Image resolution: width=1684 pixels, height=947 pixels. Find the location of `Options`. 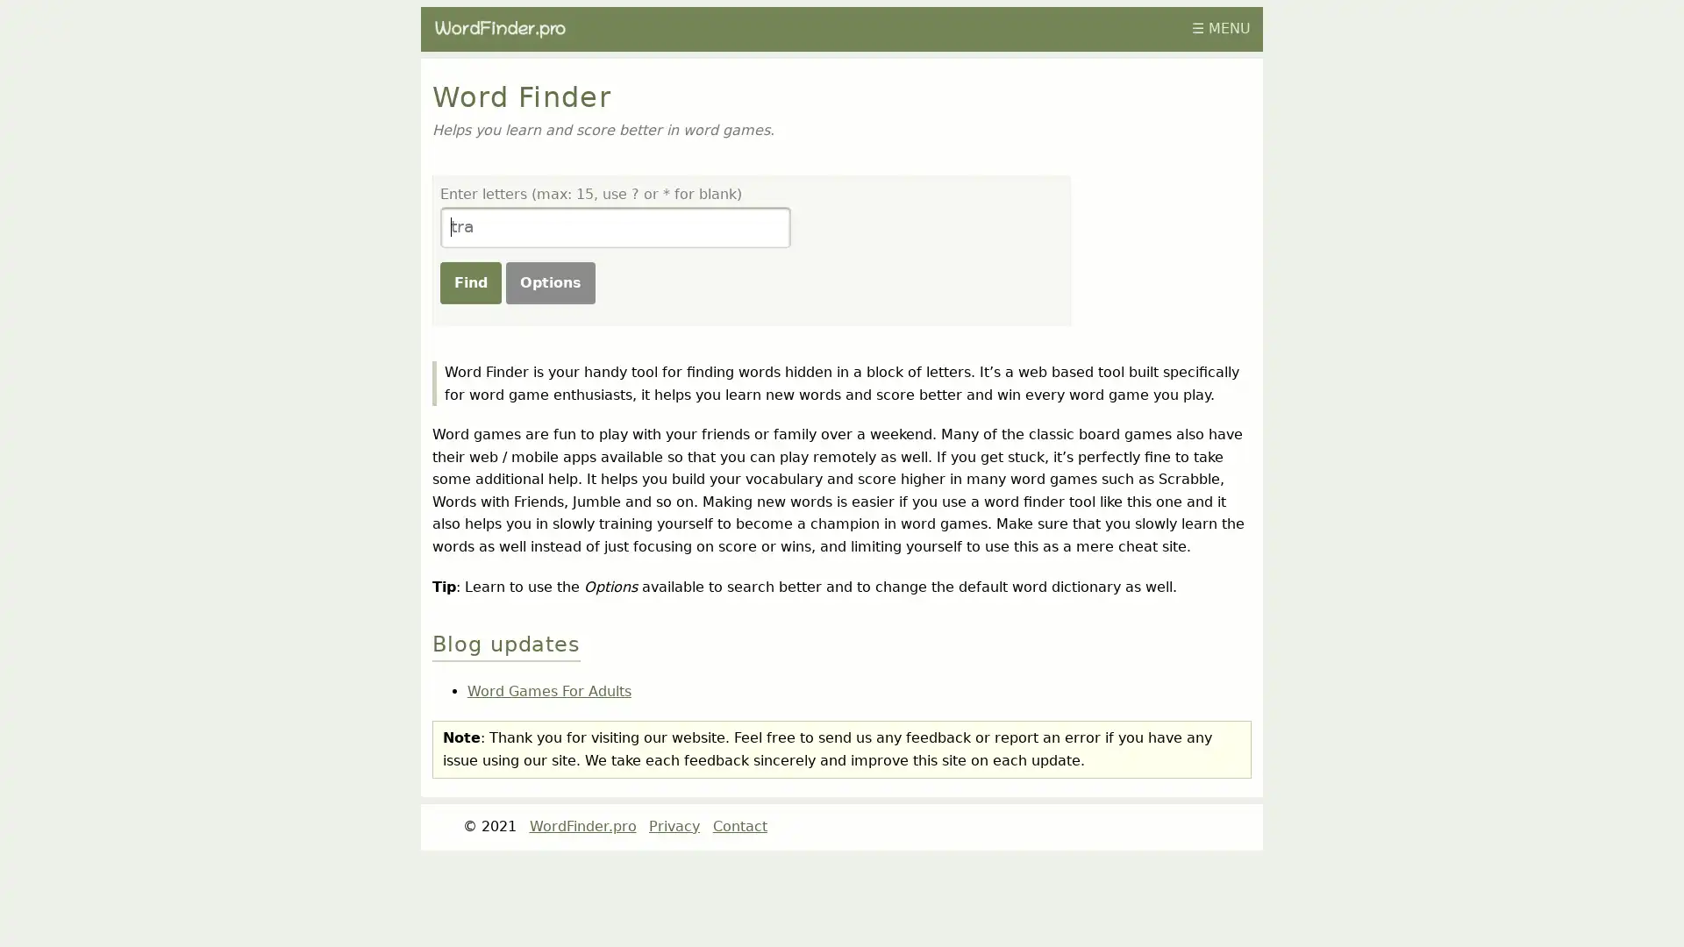

Options is located at coordinates (549, 281).